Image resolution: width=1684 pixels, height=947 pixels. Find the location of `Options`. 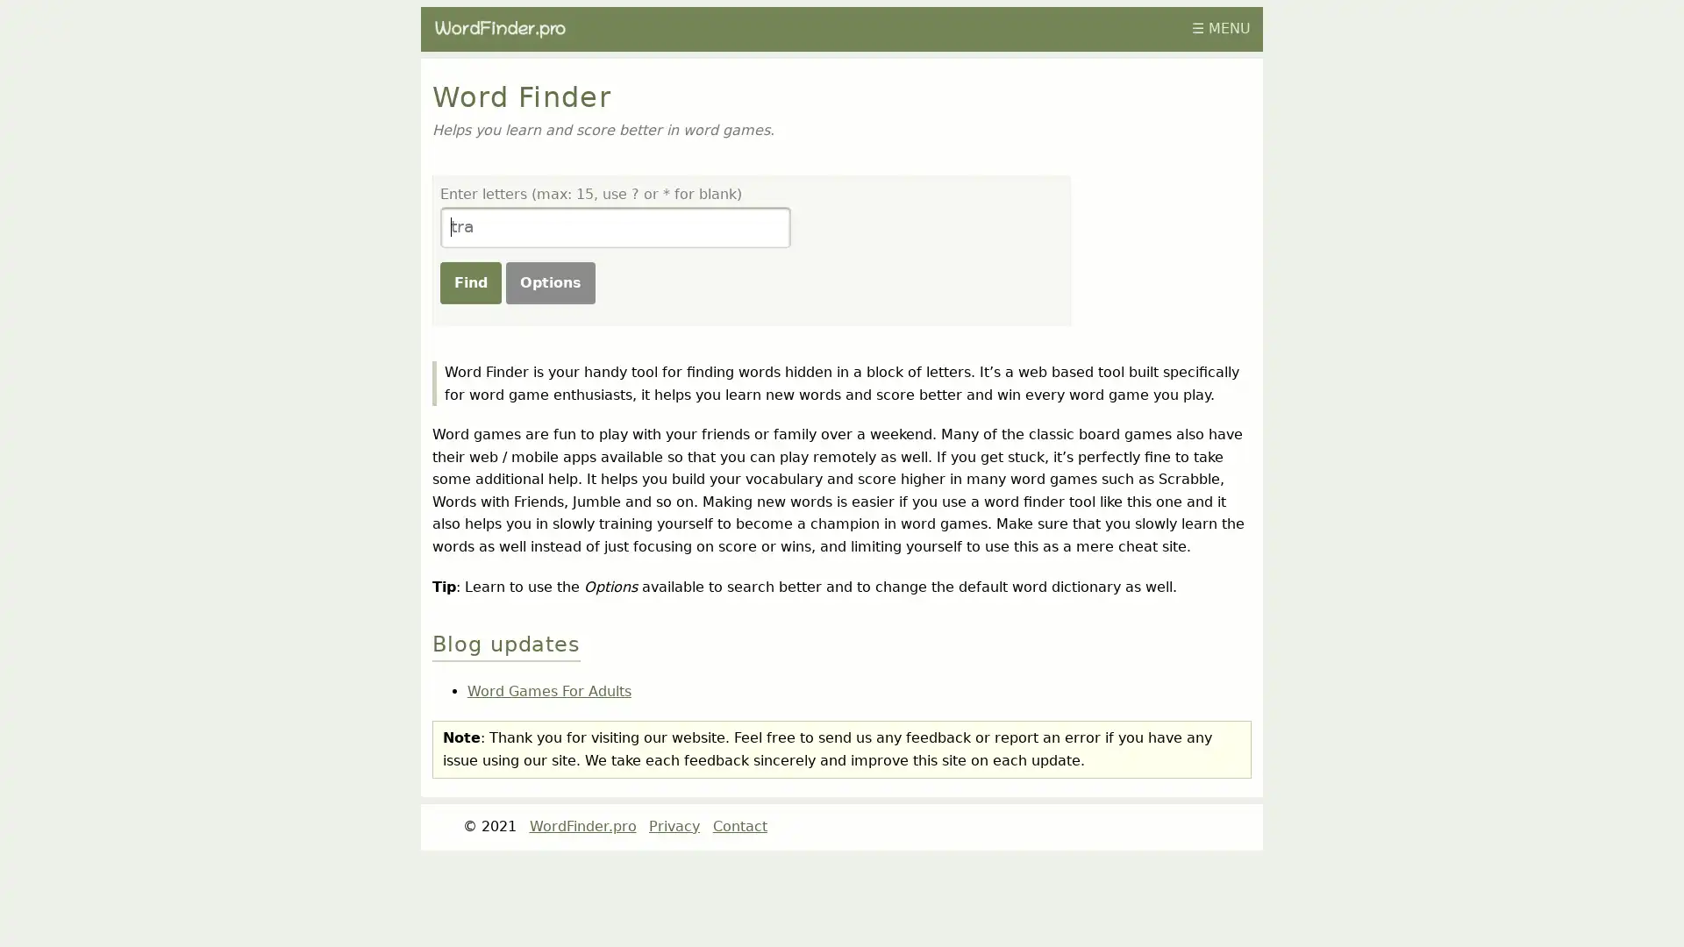

Options is located at coordinates (549, 281).